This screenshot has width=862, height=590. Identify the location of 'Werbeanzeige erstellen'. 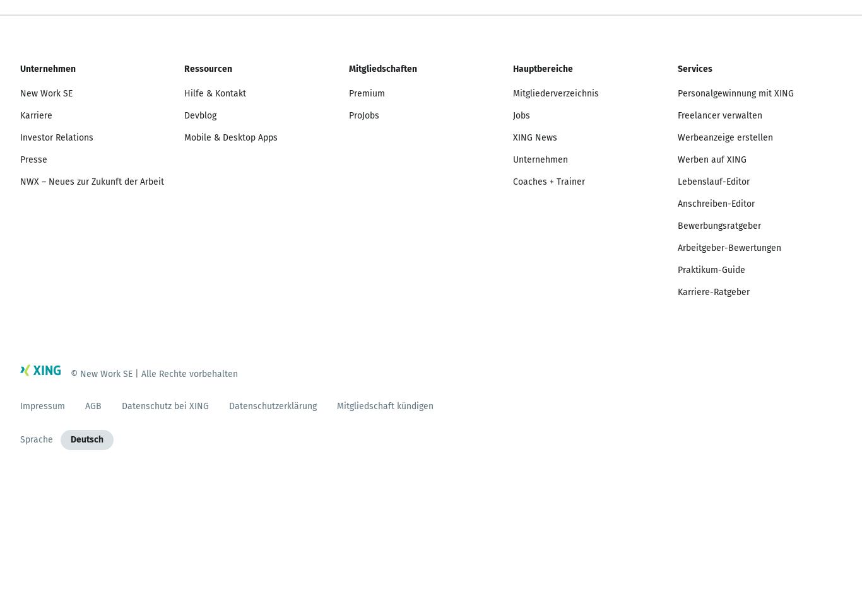
(724, 137).